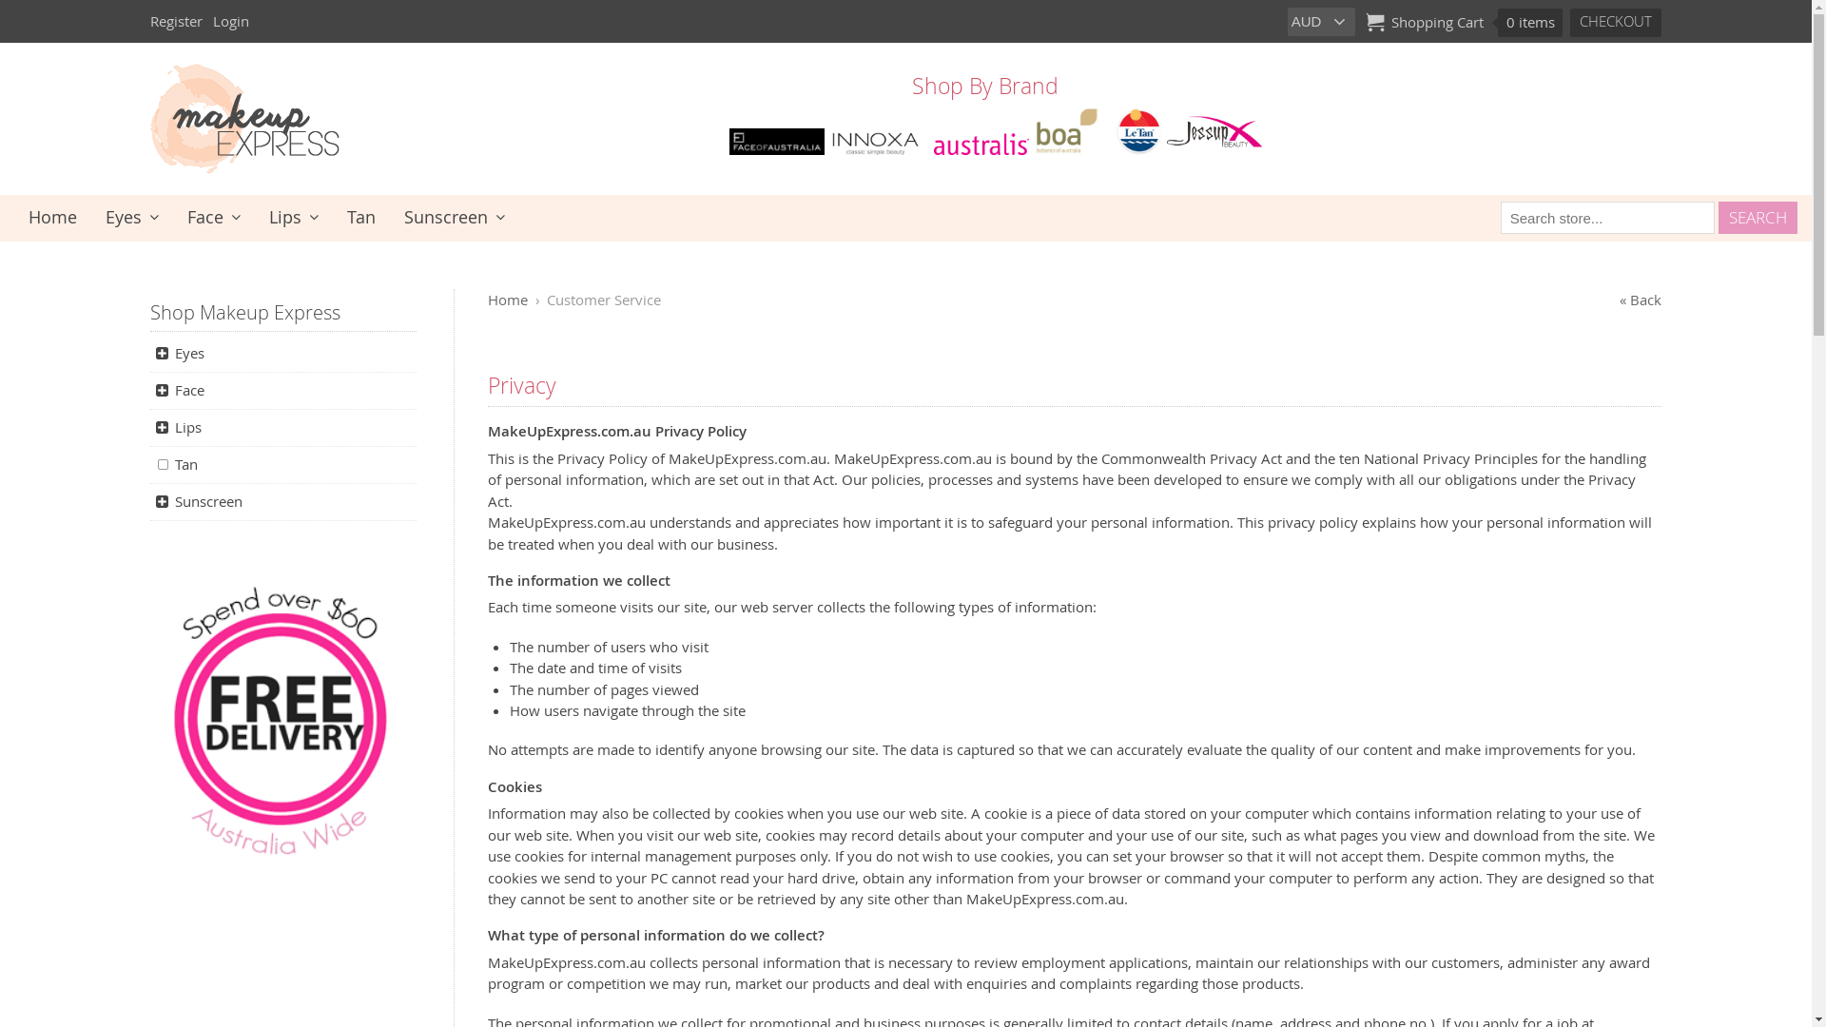  I want to click on 'Login', so click(231, 21).